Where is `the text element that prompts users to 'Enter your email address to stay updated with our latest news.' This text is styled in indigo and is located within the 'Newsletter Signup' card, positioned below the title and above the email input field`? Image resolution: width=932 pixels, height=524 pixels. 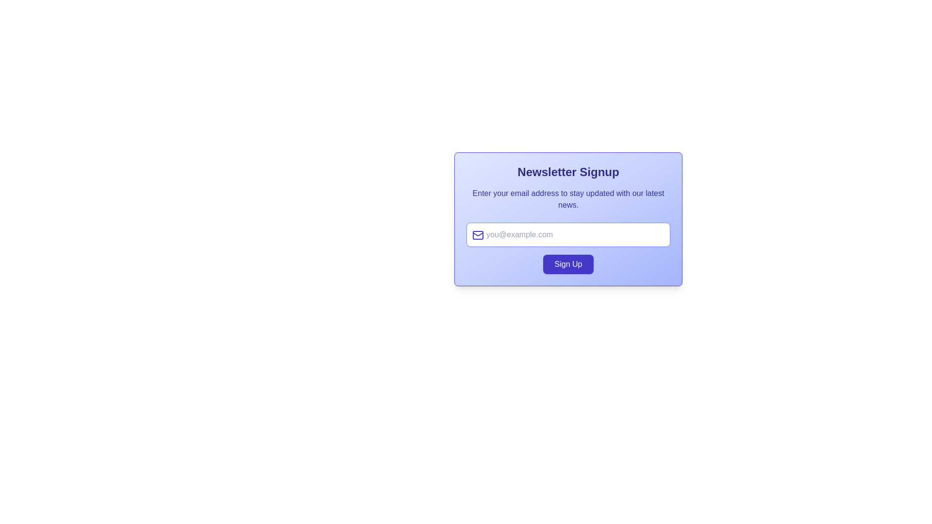
the text element that prompts users to 'Enter your email address to stay updated with our latest news.' This text is styled in indigo and is located within the 'Newsletter Signup' card, positioned below the title and above the email input field is located at coordinates (568, 199).